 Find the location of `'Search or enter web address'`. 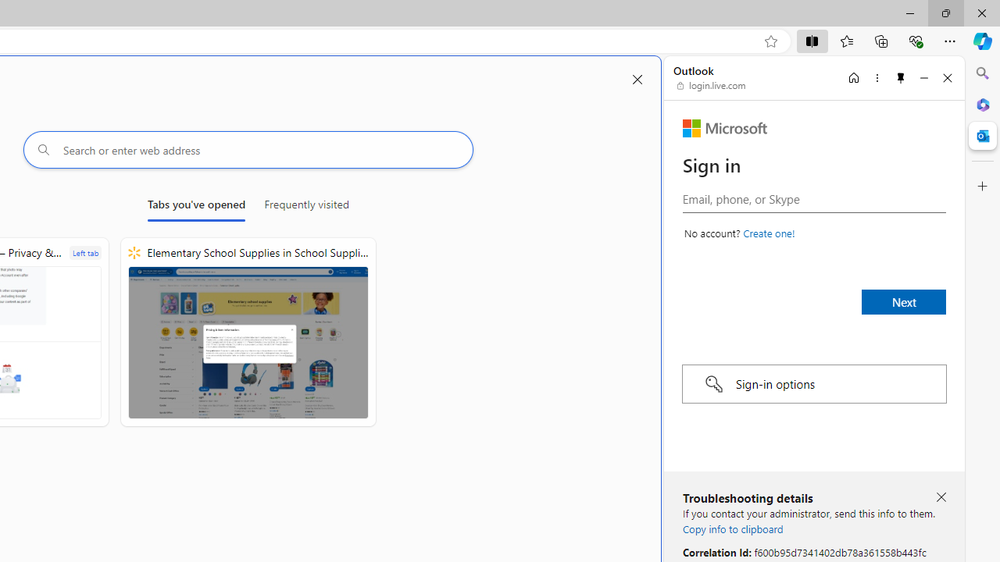

'Search or enter web address' is located at coordinates (247, 149).